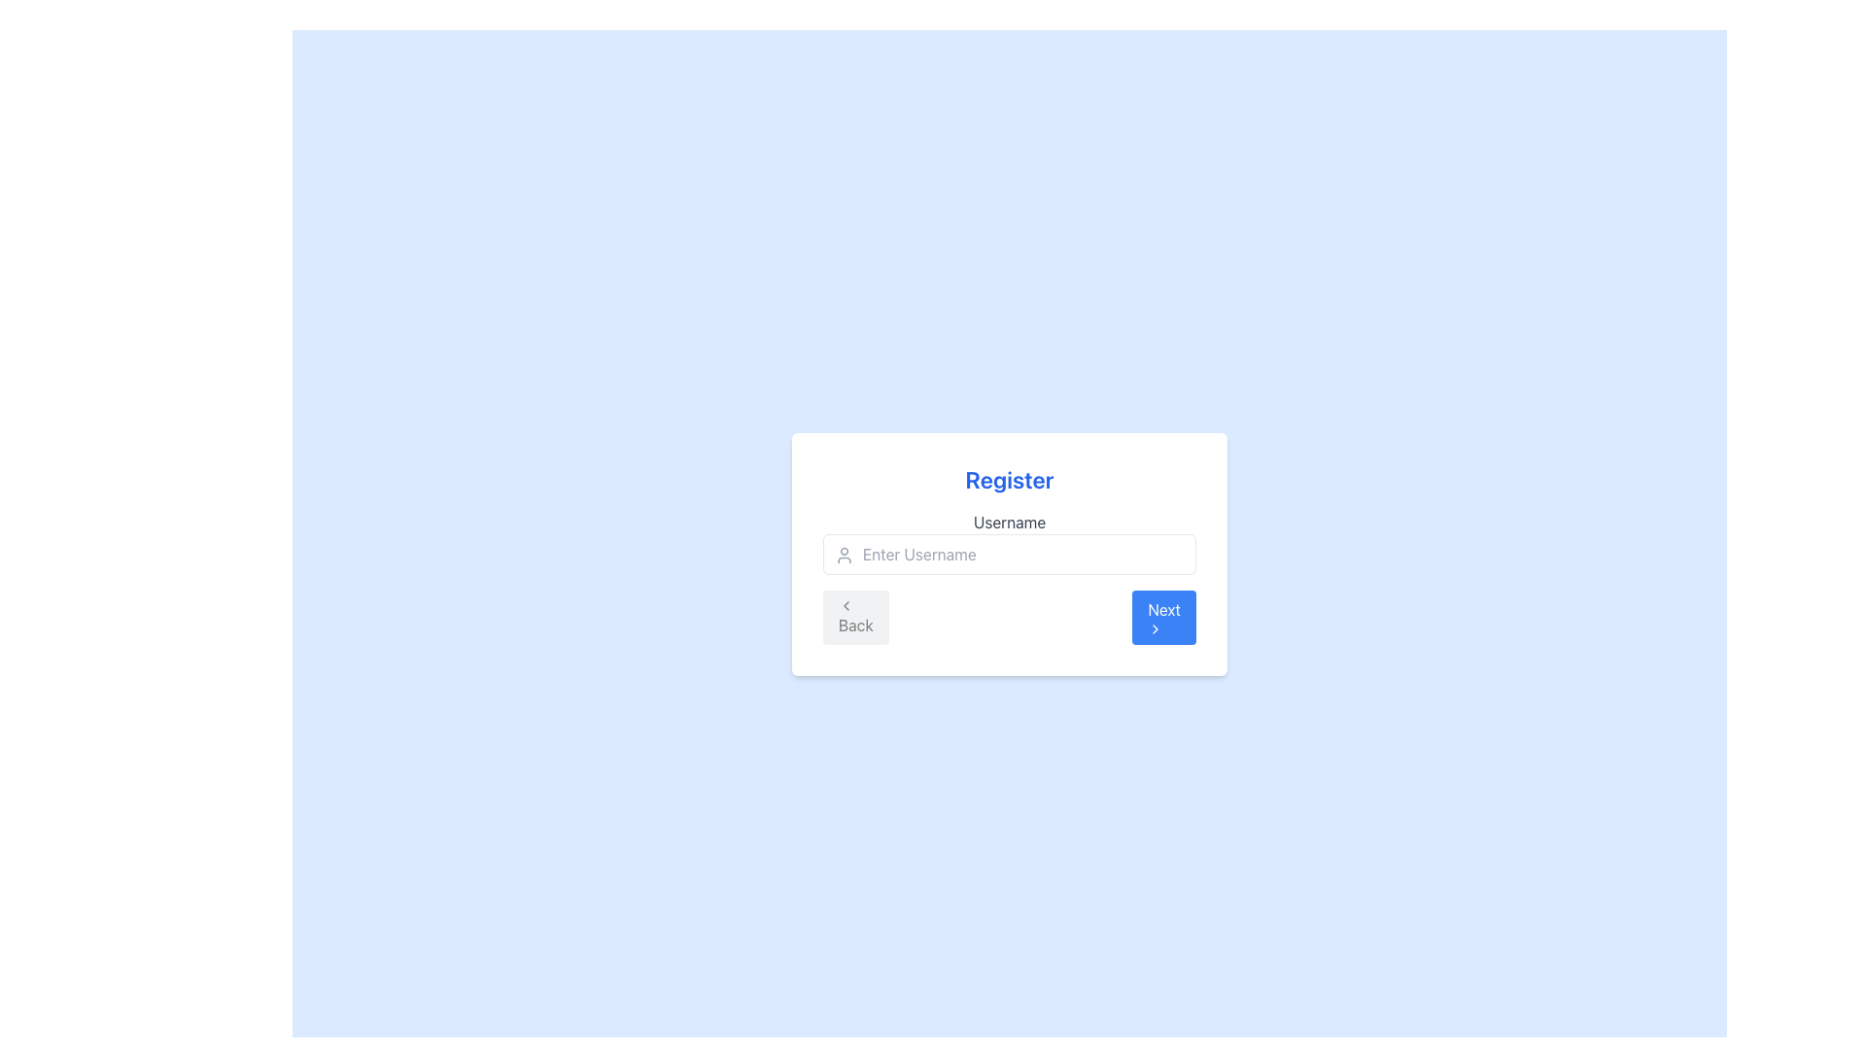 The width and height of the screenshot is (1866, 1049). I want to click on the navigation button located at the bottom right of the white rectangular box, so click(1164, 618).